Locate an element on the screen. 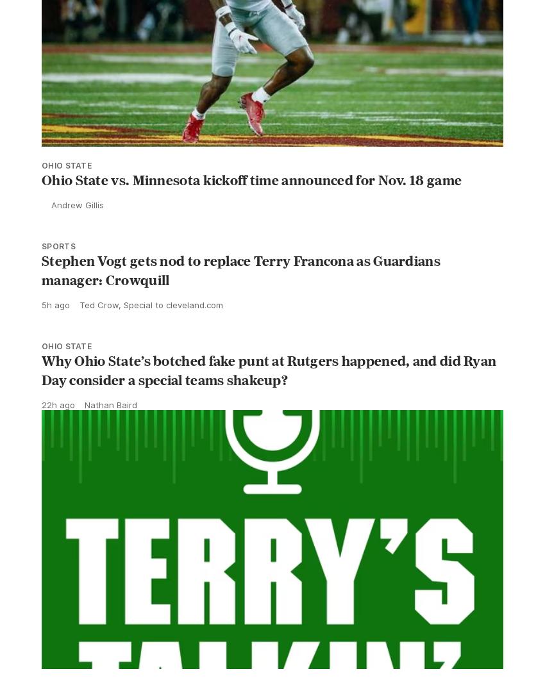  'Andrew Gillis' is located at coordinates (77, 233).